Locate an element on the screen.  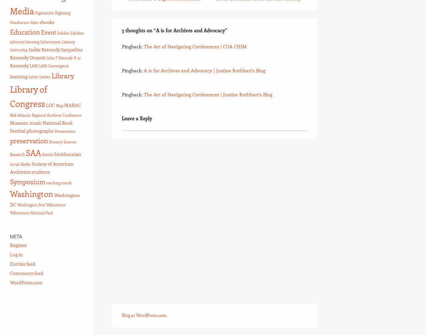
'Mid-Atlantic Regional Archives Conference' is located at coordinates (10, 115).